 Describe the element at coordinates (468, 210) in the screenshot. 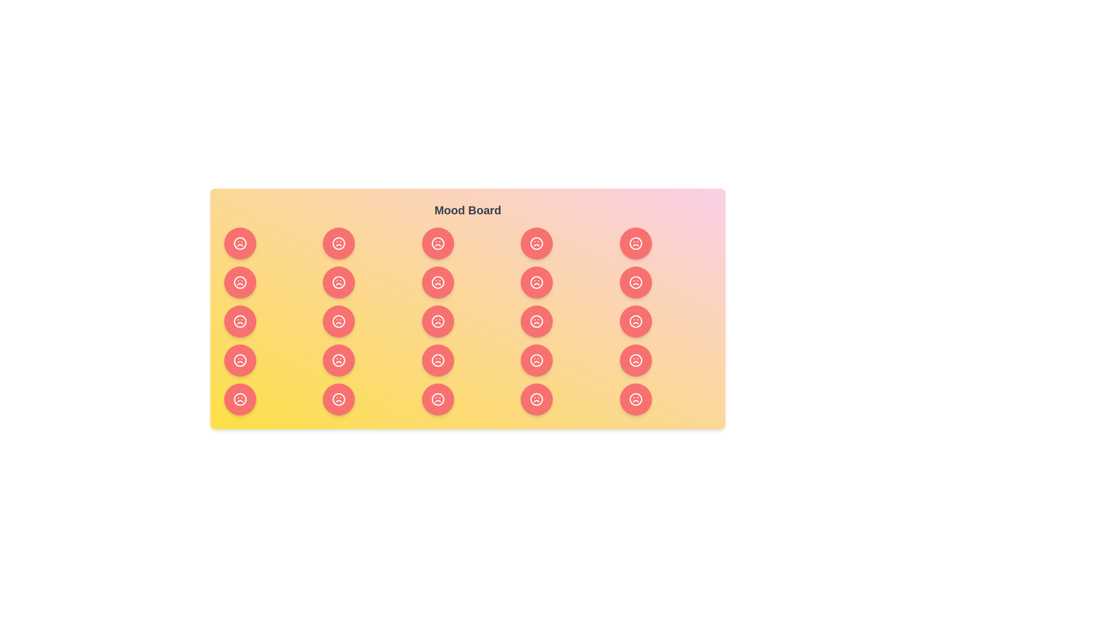

I see `the text 'Mood Board' displayed at the top of the component` at that location.